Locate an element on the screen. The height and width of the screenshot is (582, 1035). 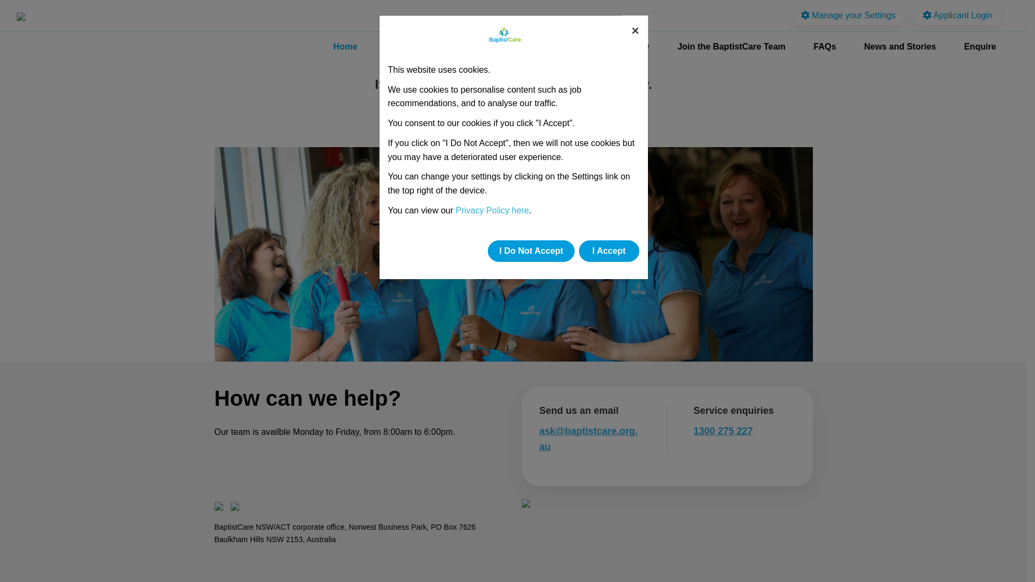
'Manage your Settings' is located at coordinates (848, 15).